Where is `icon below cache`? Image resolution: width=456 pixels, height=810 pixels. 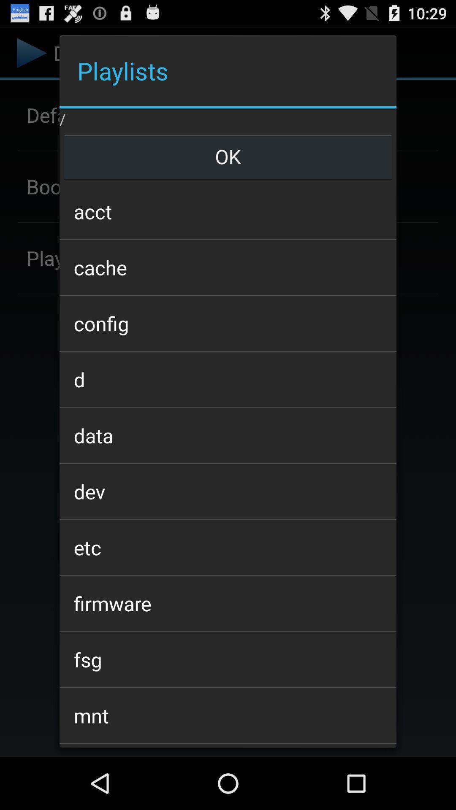
icon below cache is located at coordinates (228, 323).